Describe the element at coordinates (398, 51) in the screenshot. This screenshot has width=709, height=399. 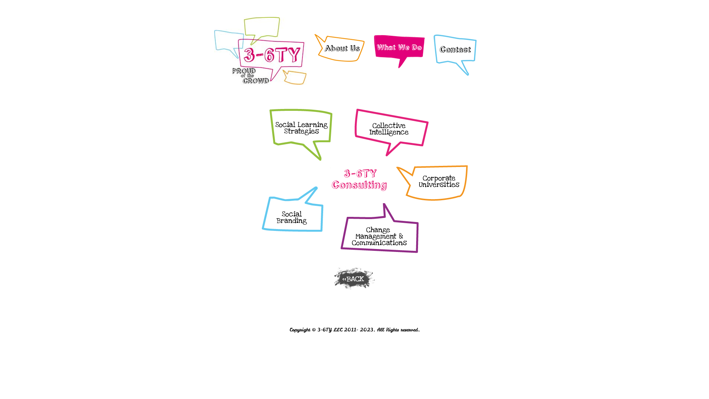
I see `'What We Do'` at that location.